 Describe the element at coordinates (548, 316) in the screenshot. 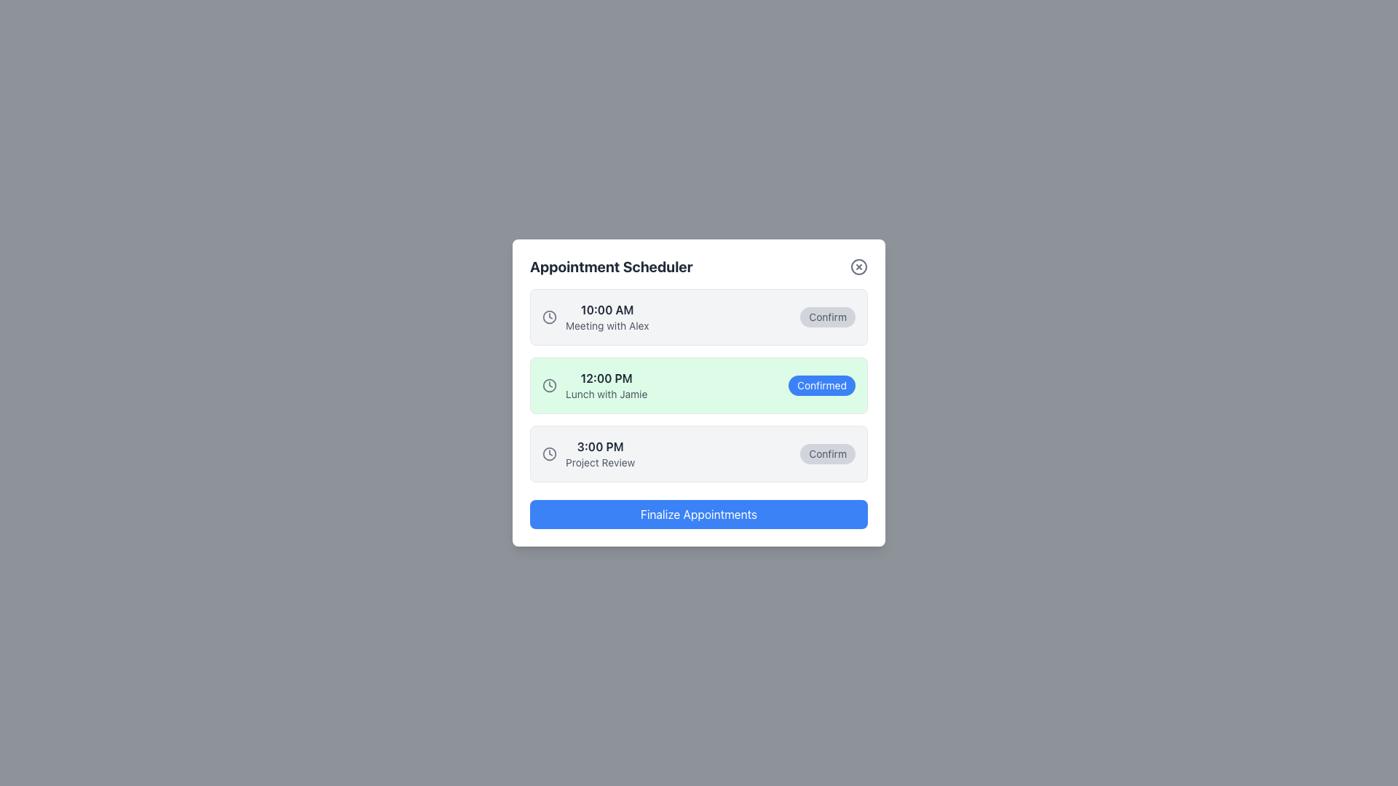

I see `the time-related icon located to the left of the '10:00 AM Meeting with Alex' entry in the scheduled appointments list` at that location.